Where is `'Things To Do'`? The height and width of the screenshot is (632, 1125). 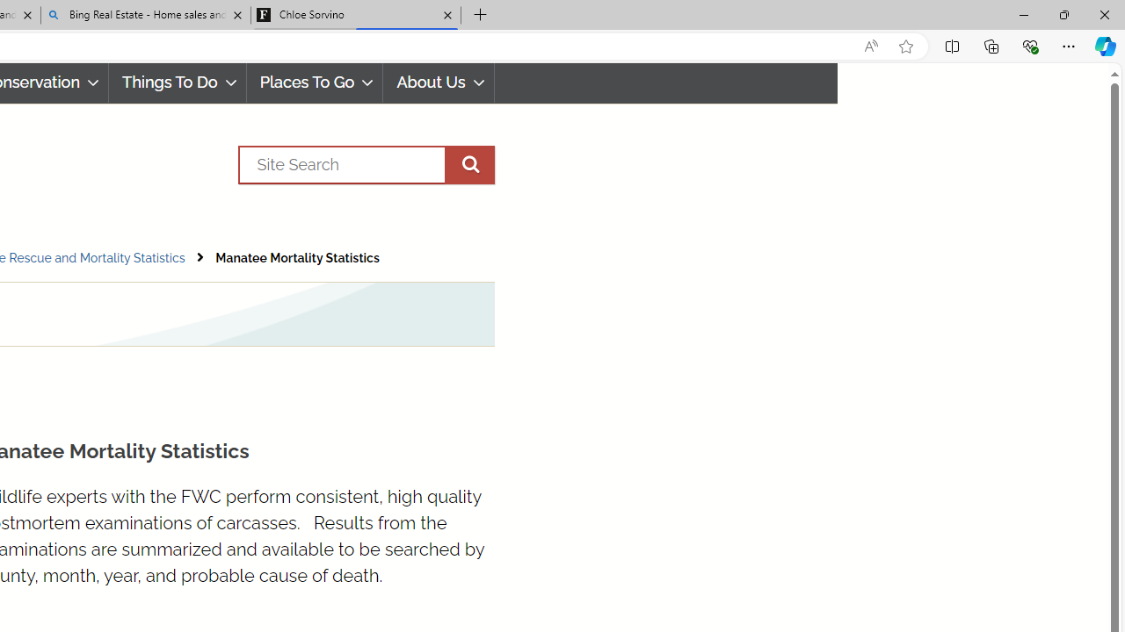
'Things To Do' is located at coordinates (178, 83).